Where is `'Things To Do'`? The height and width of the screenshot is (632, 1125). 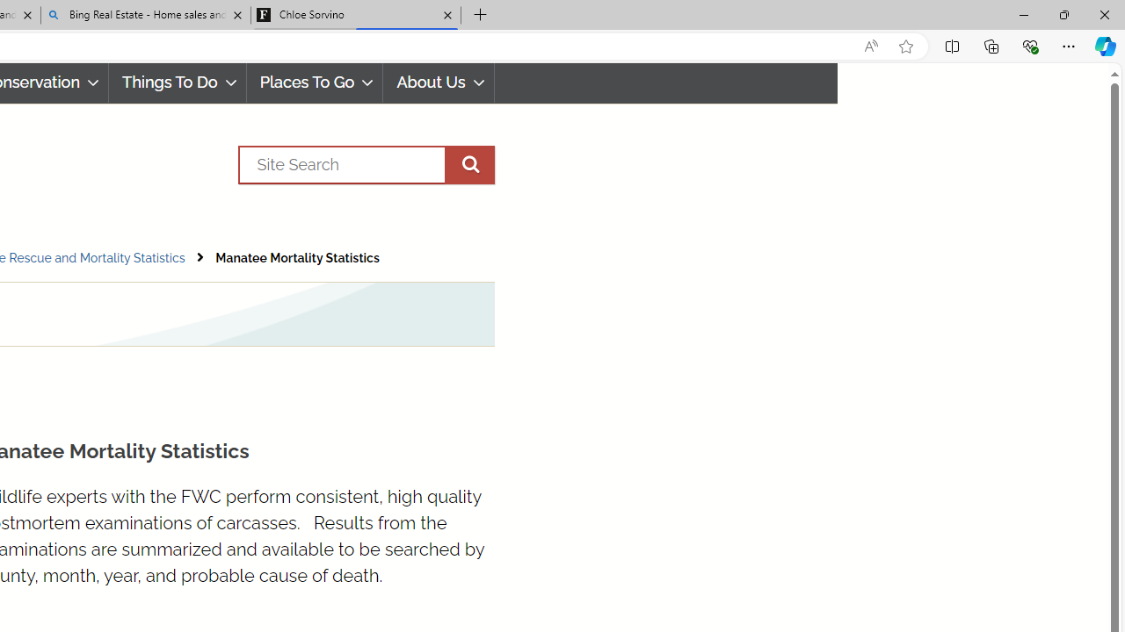
'Things To Do' is located at coordinates (178, 83).